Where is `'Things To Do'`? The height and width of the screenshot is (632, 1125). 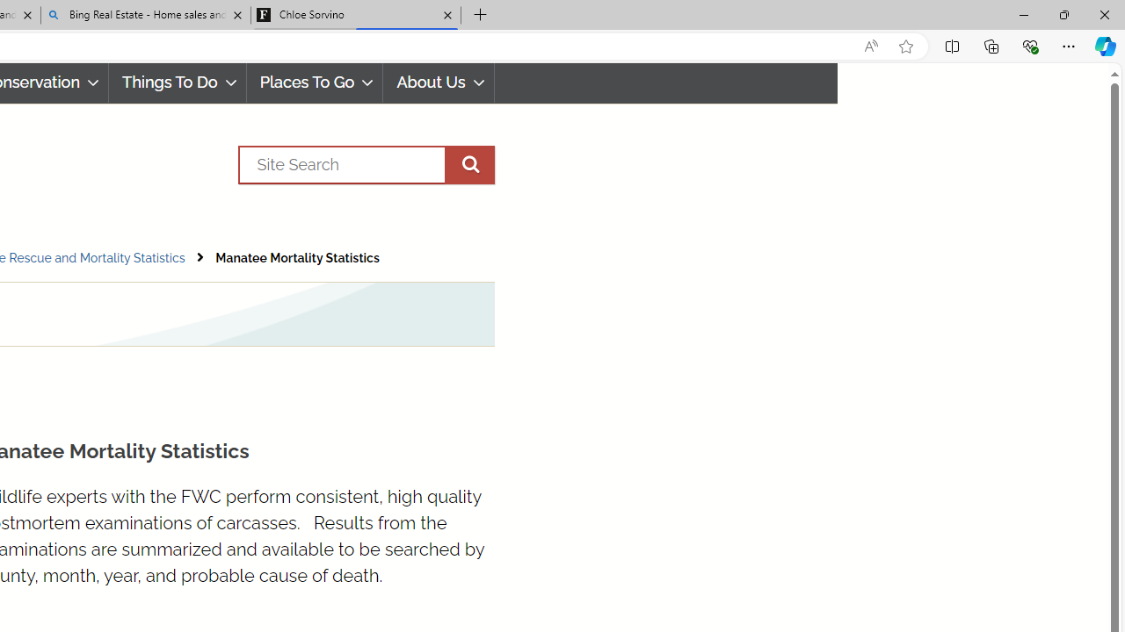
'Things To Do' is located at coordinates (178, 83).